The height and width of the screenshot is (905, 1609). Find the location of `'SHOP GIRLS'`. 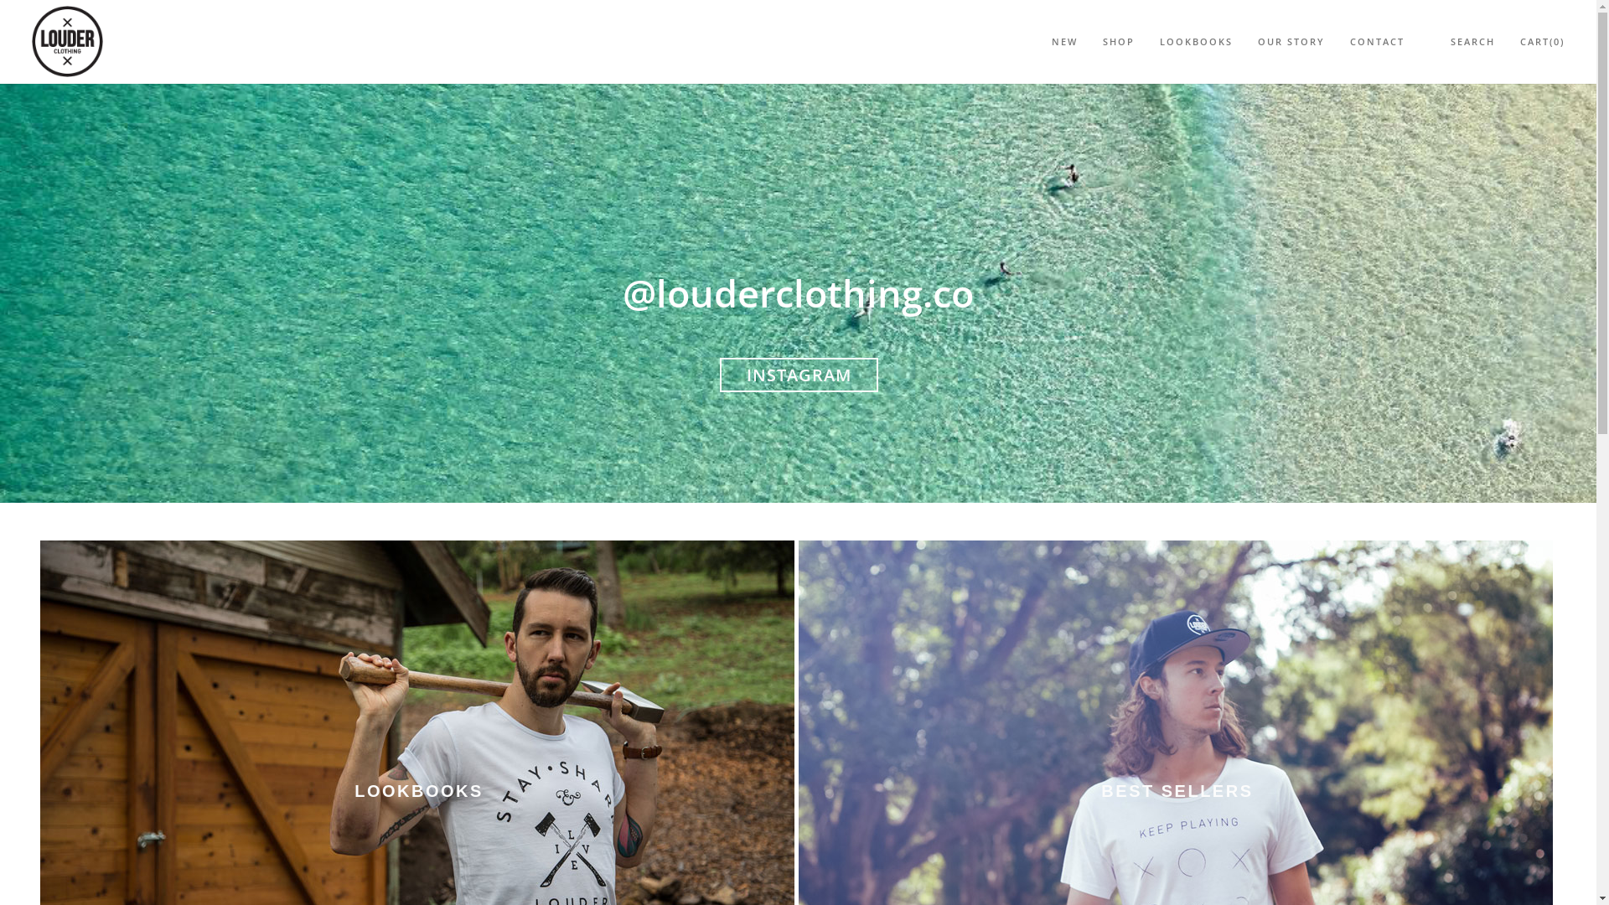

'SHOP GIRLS' is located at coordinates (818, 317).